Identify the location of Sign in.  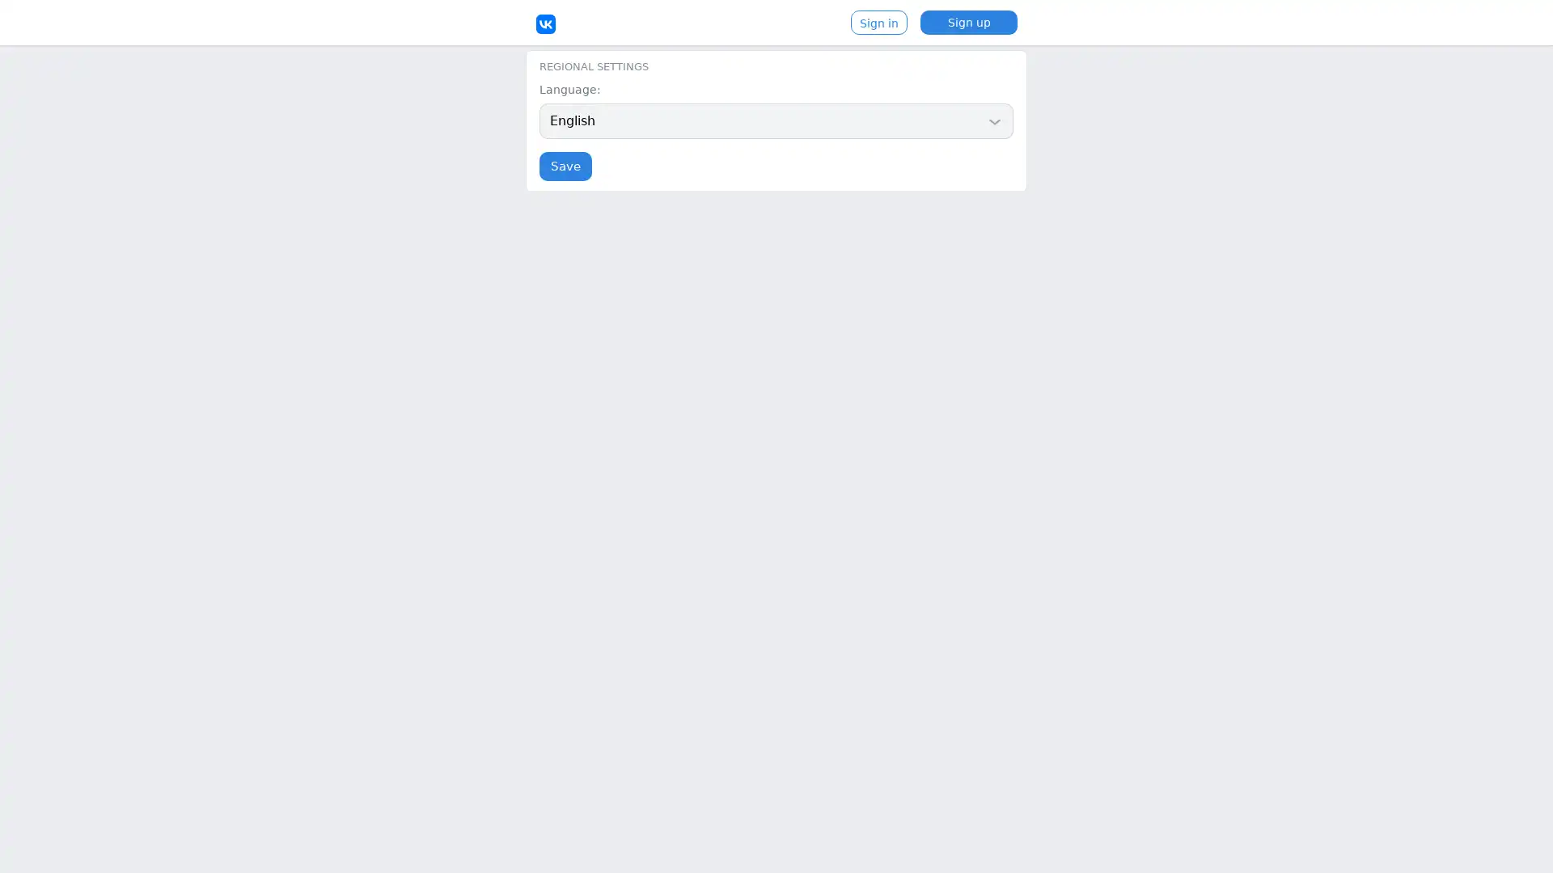
(878, 22).